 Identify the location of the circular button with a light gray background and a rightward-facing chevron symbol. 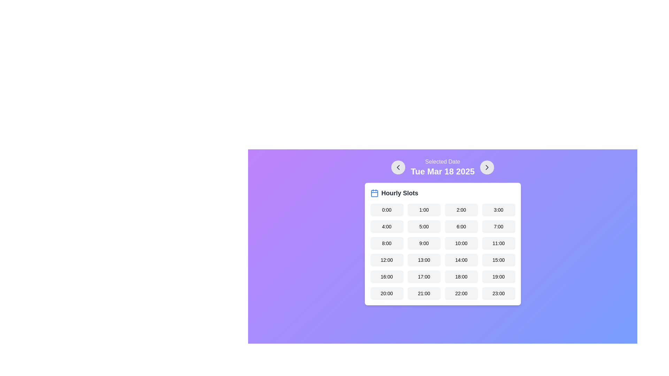
(487, 167).